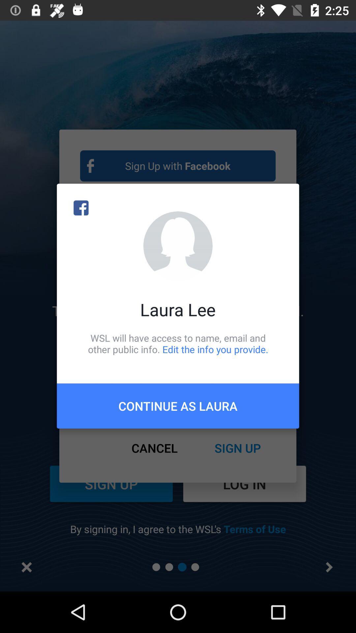 The height and width of the screenshot is (633, 356). Describe the element at coordinates (178, 343) in the screenshot. I see `the item above the continue as laura` at that location.